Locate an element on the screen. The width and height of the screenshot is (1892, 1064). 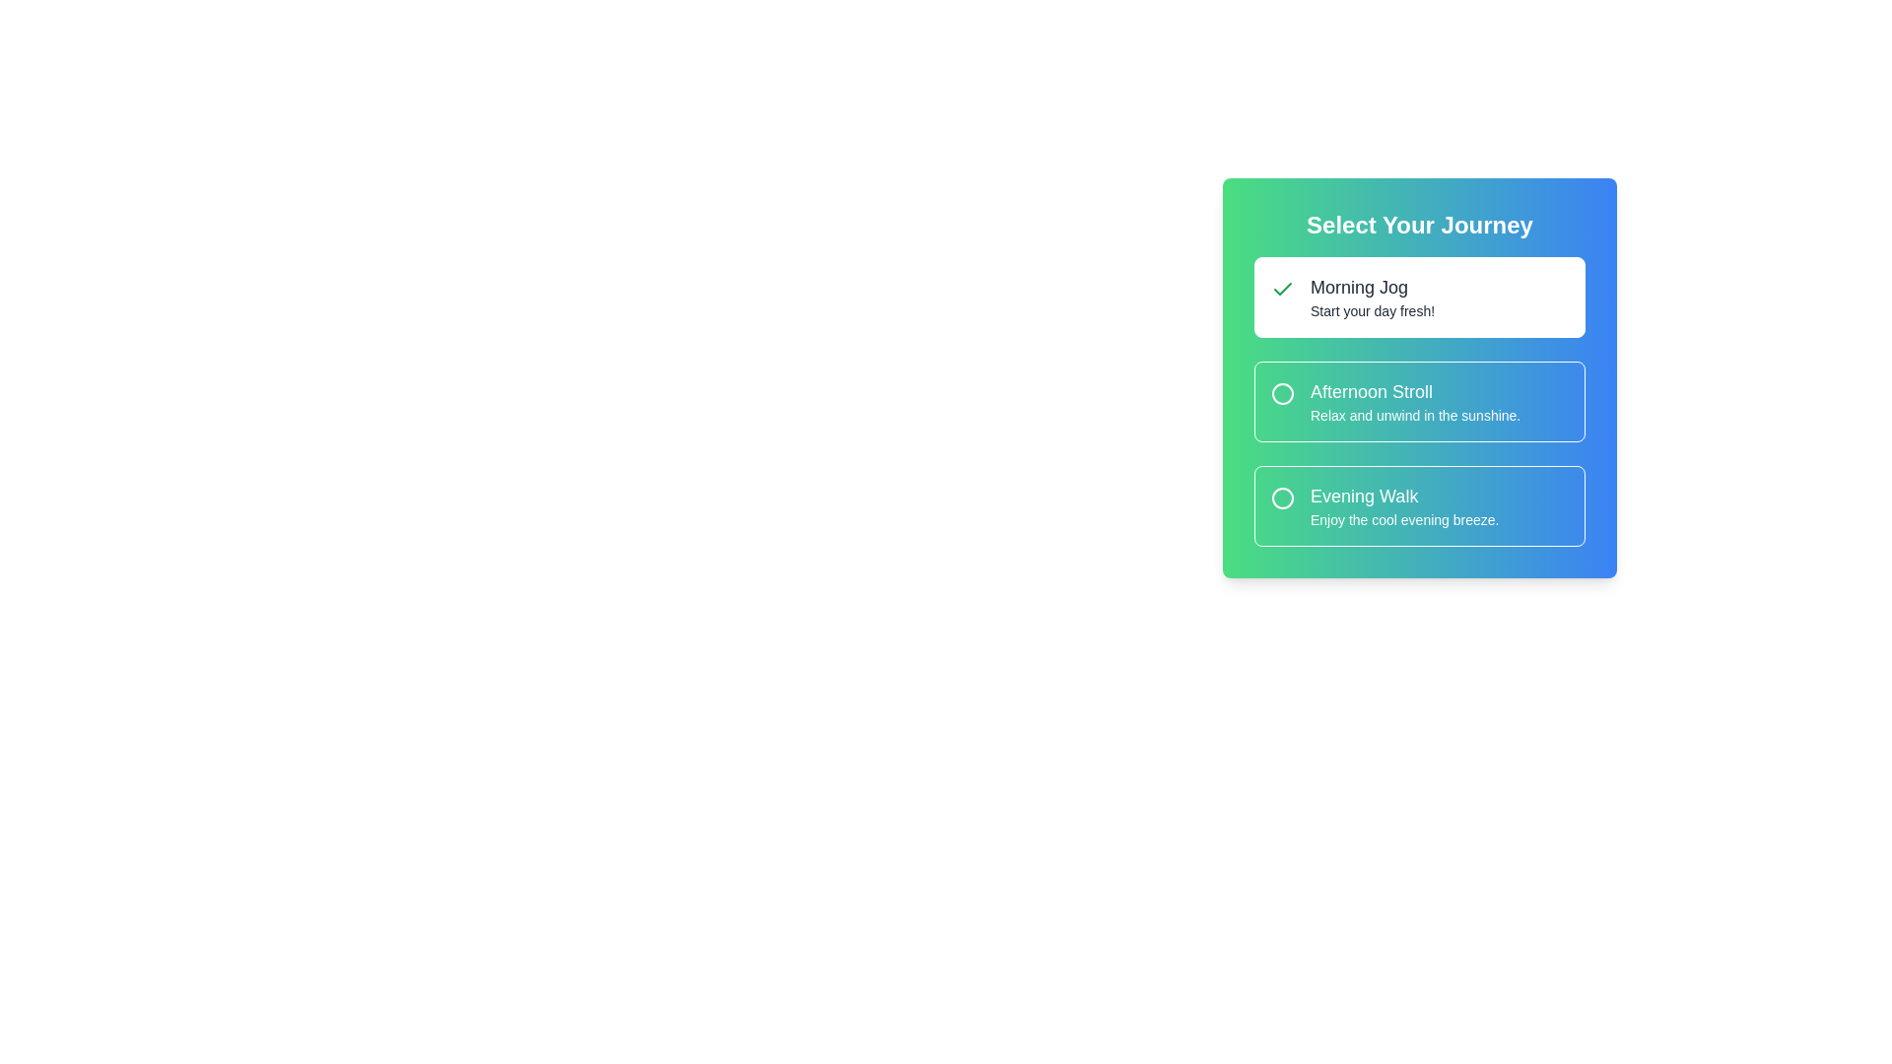
the text label displaying 'Evening Walk', which is styled in bold white font against a blue-to-green gradient background, located in the upper section of its option block is located at coordinates (1403, 496).